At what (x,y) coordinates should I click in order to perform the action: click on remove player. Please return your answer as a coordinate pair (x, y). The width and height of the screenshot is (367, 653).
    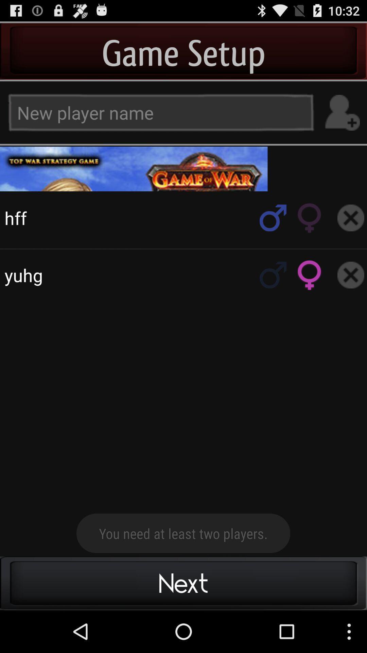
    Looking at the image, I should click on (351, 218).